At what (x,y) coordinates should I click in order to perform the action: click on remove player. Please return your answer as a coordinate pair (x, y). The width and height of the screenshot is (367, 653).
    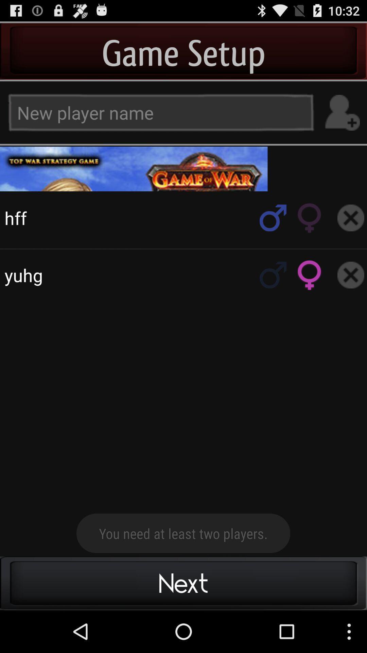
    Looking at the image, I should click on (351, 218).